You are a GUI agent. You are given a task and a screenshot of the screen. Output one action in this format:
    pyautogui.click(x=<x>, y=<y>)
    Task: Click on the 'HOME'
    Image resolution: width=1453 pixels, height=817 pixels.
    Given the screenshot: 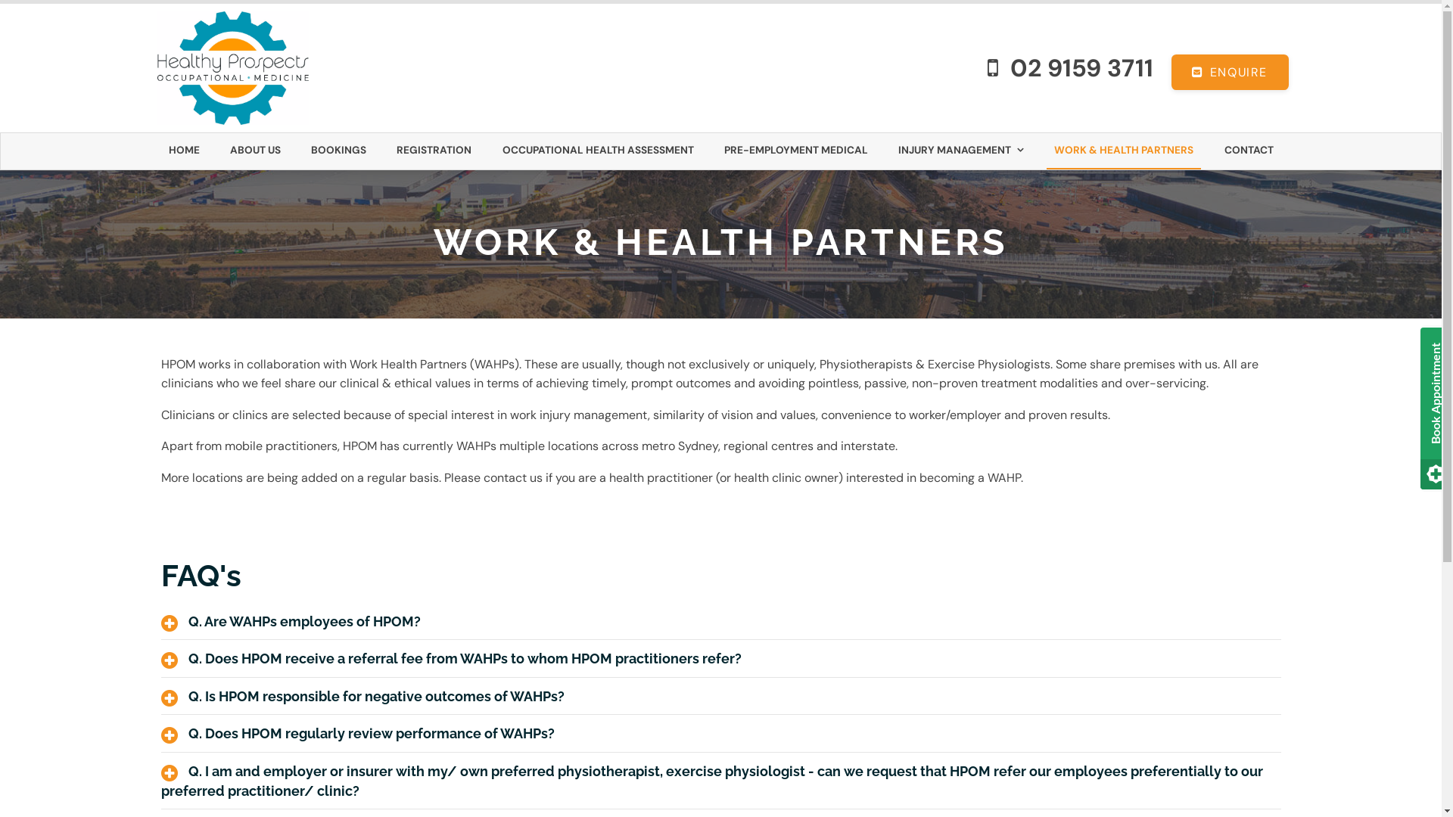 What is the action you would take?
    pyautogui.click(x=182, y=151)
    